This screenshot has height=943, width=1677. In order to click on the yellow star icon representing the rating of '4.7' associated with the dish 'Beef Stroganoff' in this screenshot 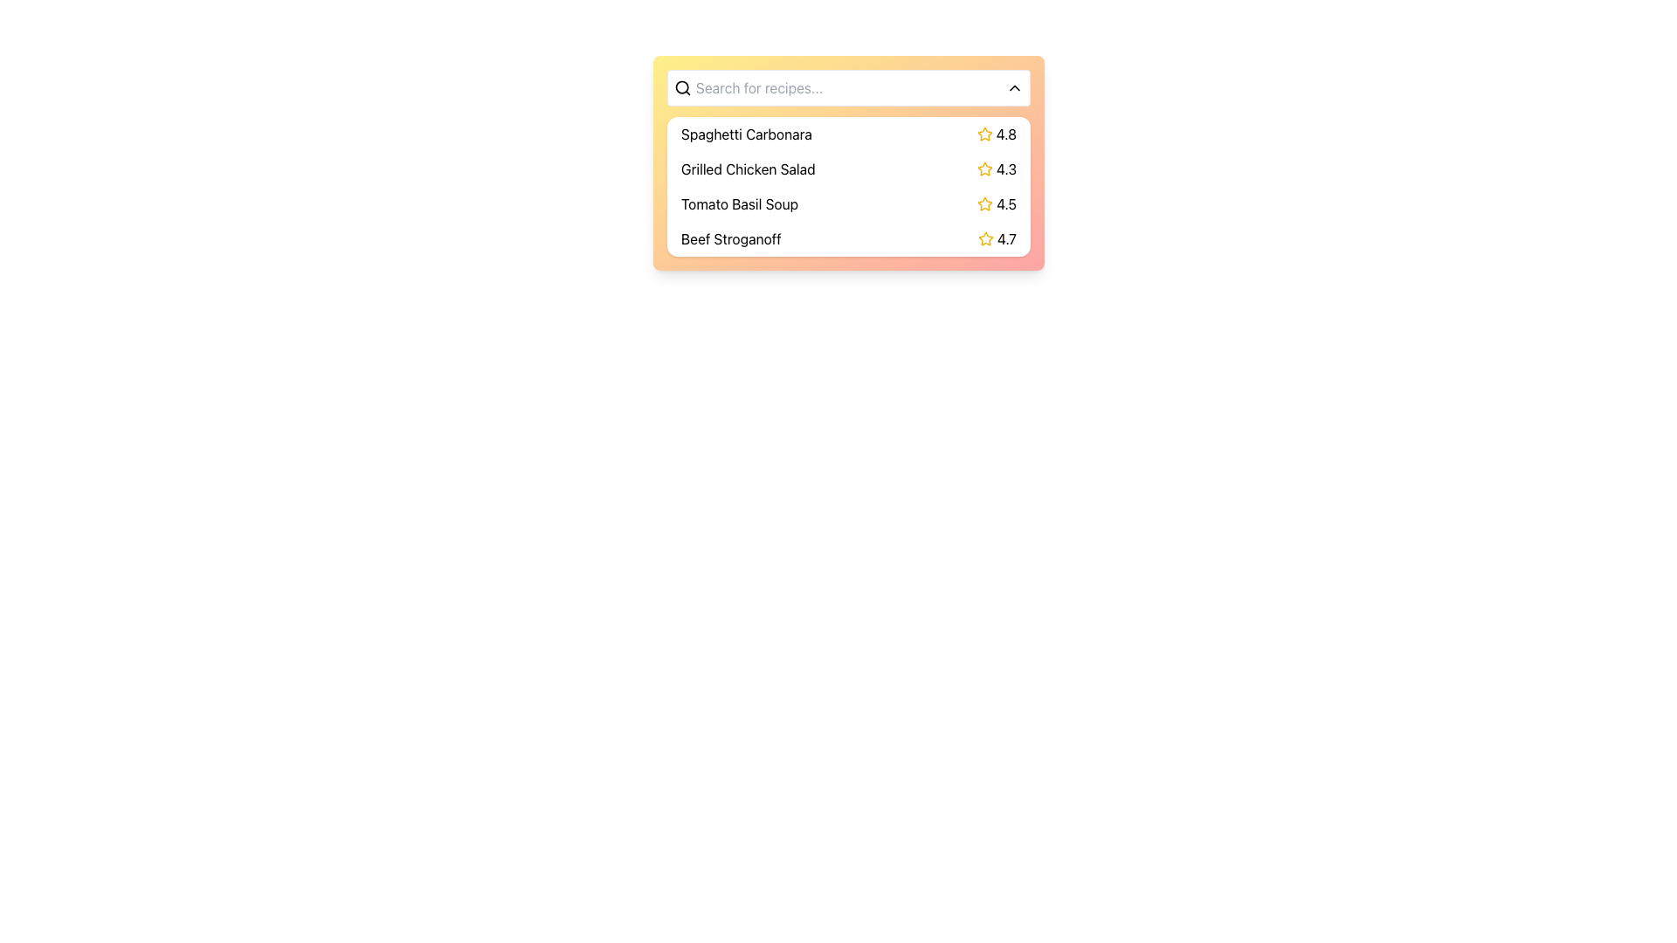, I will do `click(985, 238)`.